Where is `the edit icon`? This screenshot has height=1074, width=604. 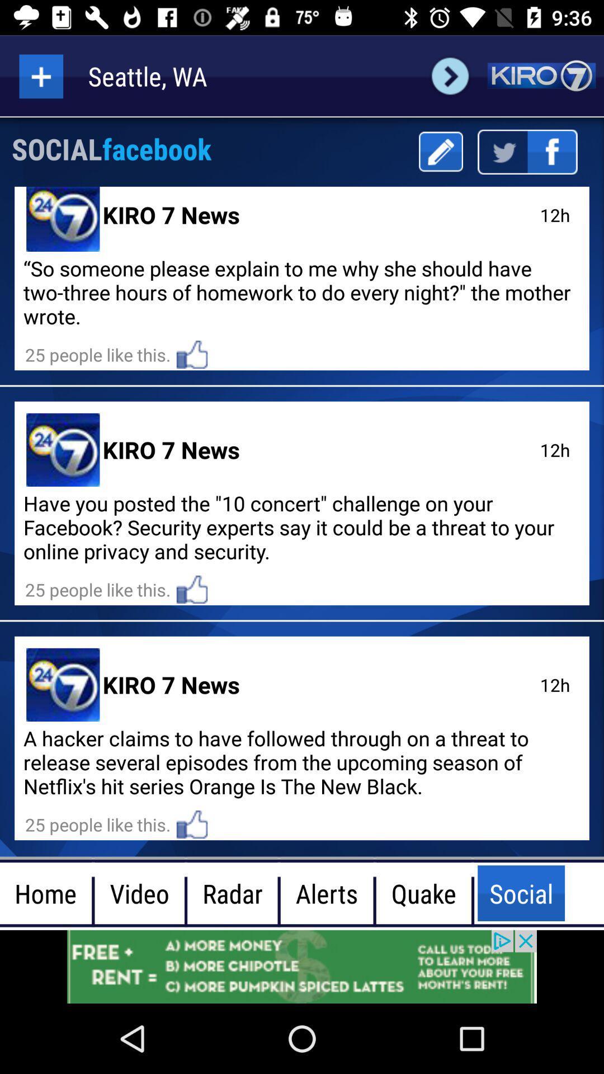 the edit icon is located at coordinates (440, 151).